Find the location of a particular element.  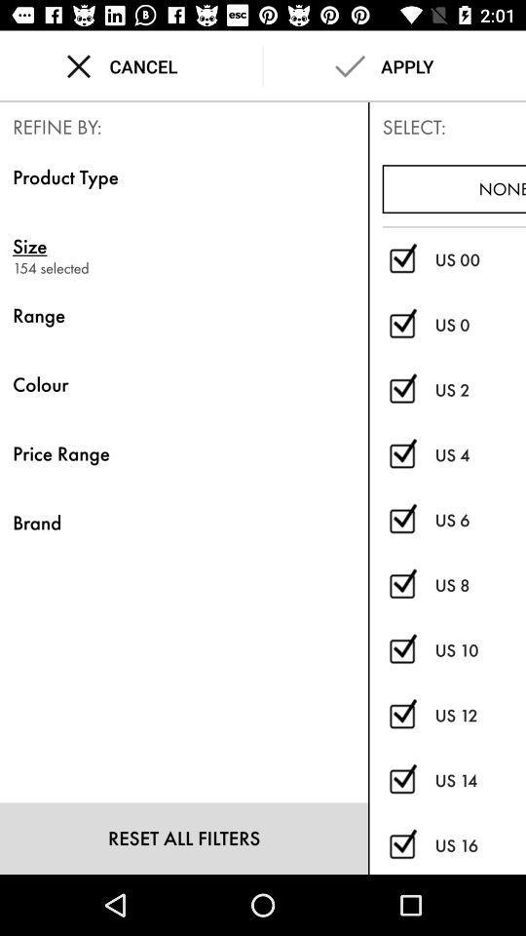

item above the us 14 icon is located at coordinates (479, 715).